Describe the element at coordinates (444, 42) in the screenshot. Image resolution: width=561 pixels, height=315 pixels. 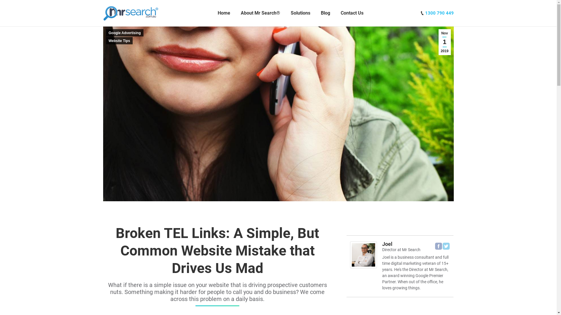
I see `'Nov` at that location.